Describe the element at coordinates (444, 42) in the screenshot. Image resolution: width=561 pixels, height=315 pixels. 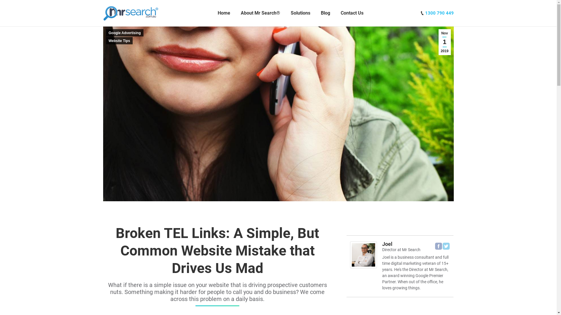
I see `'Nov` at that location.